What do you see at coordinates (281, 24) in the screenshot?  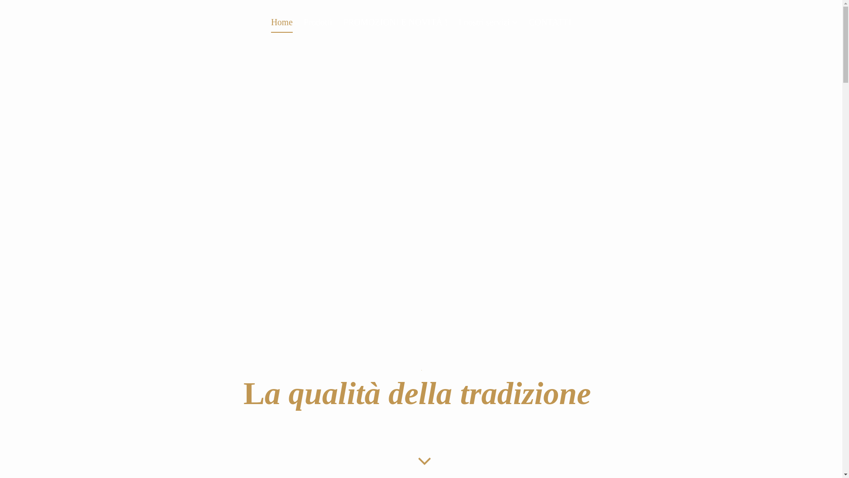 I see `'Home'` at bounding box center [281, 24].